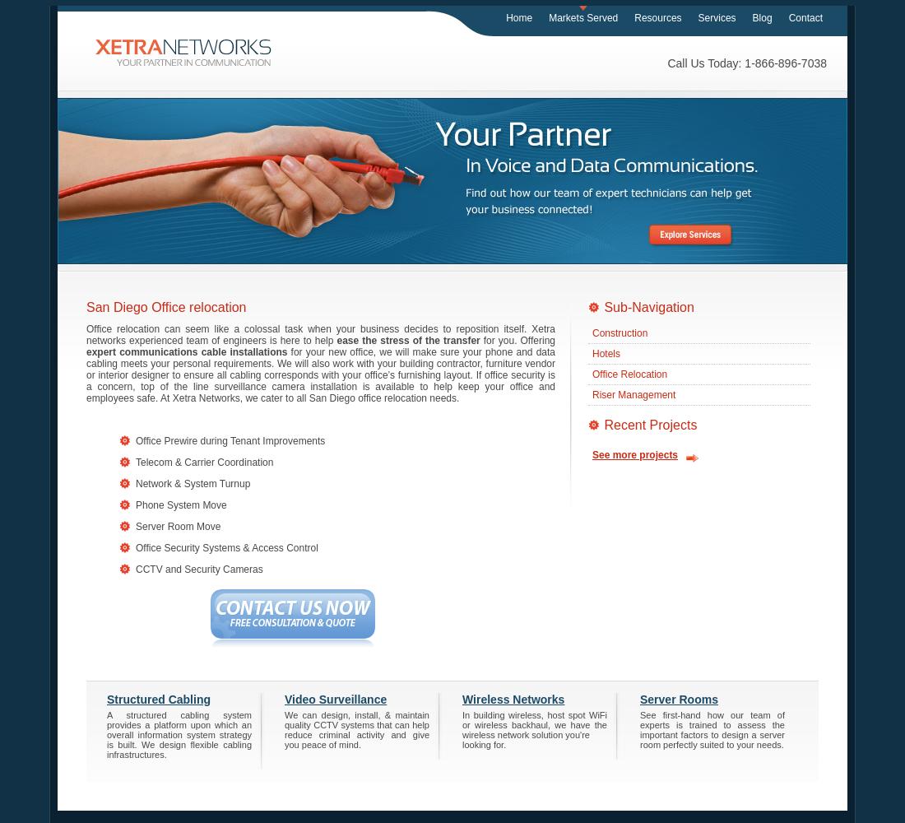 The width and height of the screenshot is (905, 823). What do you see at coordinates (135, 440) in the screenshot?
I see `'Office Prewire during Tenant Improvements'` at bounding box center [135, 440].